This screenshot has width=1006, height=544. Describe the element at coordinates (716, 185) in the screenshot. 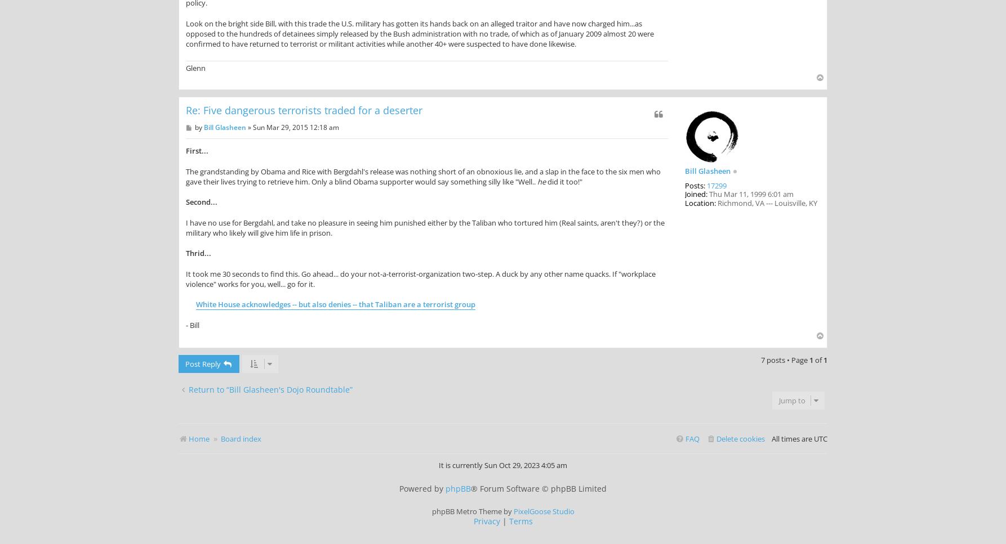

I see `'17299'` at that location.